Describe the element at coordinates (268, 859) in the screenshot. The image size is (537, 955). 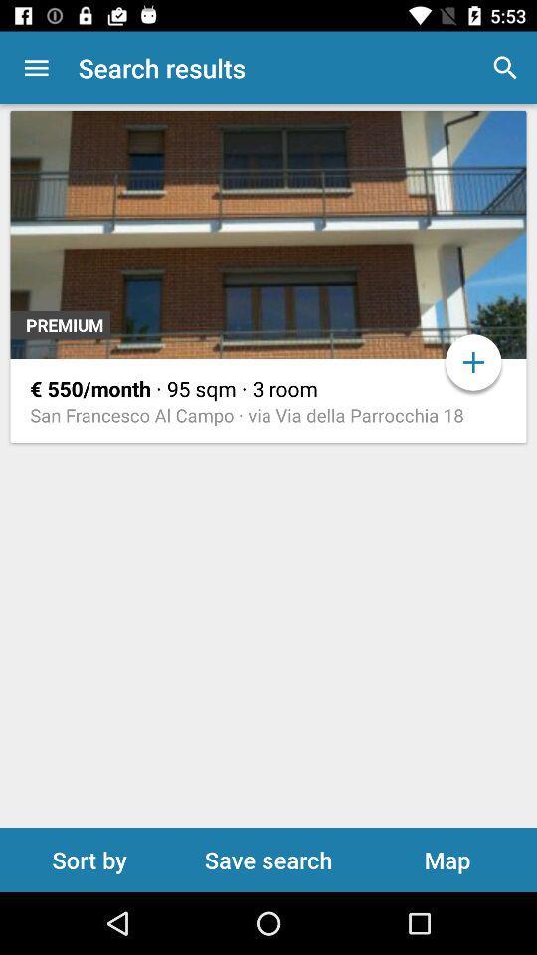
I see `the icon below the san francesco al item` at that location.